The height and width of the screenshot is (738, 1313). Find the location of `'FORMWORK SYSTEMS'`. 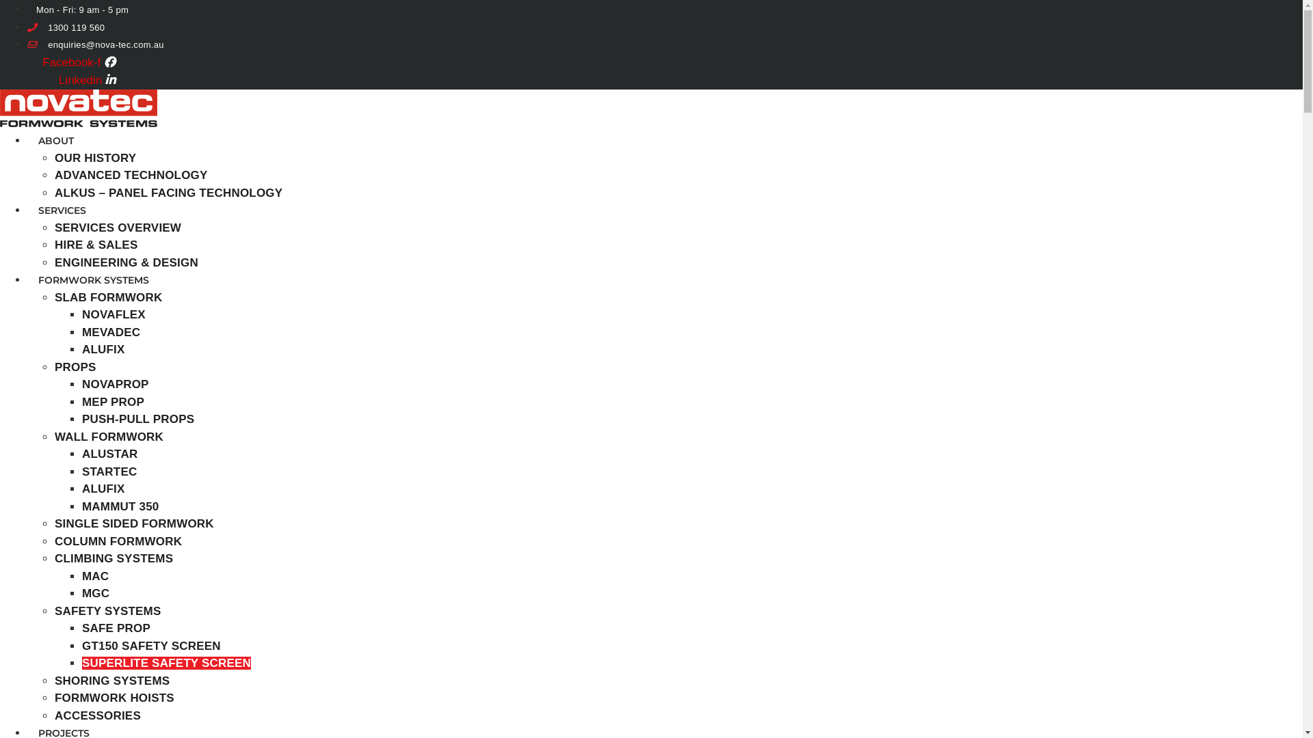

'FORMWORK SYSTEMS' is located at coordinates (93, 279).